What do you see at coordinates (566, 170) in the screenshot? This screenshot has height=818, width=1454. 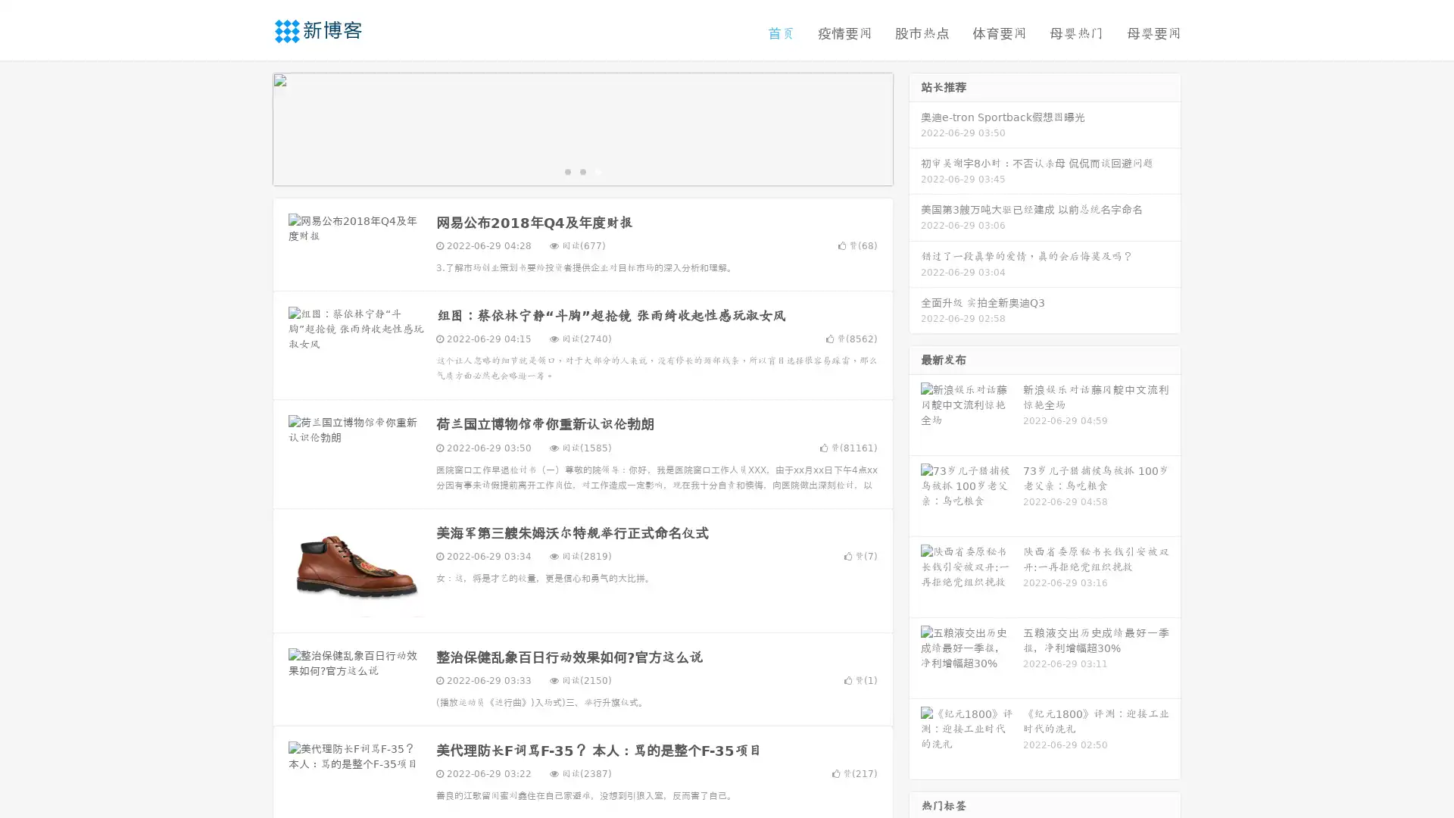 I see `Go to slide 1` at bounding box center [566, 170].